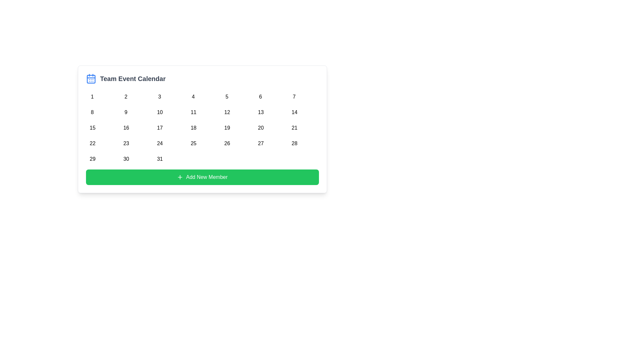  What do you see at coordinates (126, 126) in the screenshot?
I see `the number cell displaying '16' in the calendar grid` at bounding box center [126, 126].